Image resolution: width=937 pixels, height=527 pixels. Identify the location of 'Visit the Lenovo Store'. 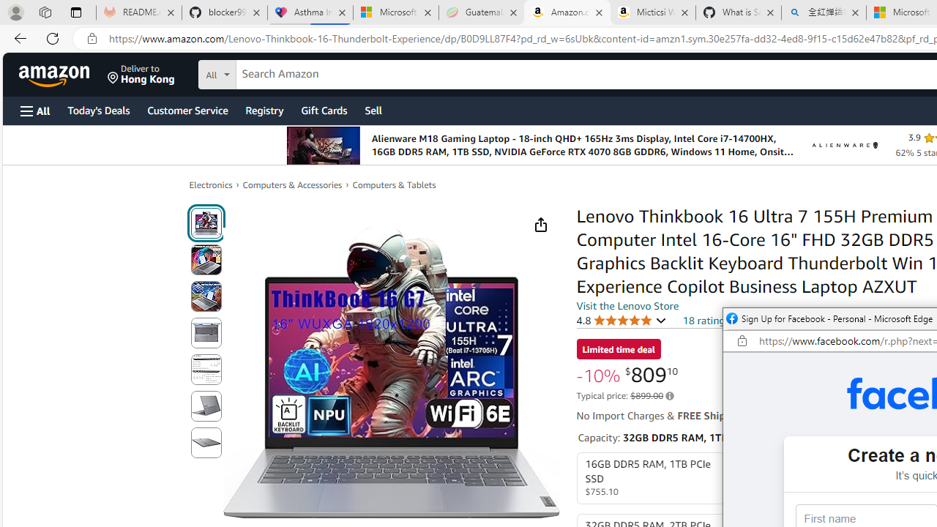
(627, 304).